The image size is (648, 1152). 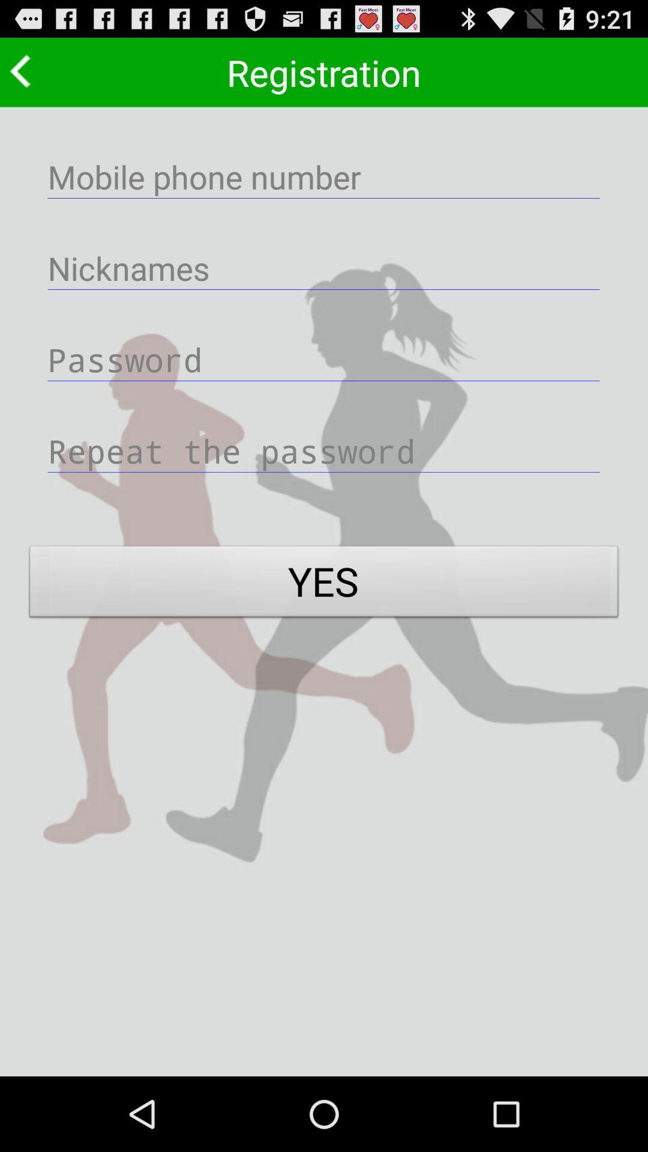 What do you see at coordinates (324, 358) in the screenshot?
I see `password` at bounding box center [324, 358].